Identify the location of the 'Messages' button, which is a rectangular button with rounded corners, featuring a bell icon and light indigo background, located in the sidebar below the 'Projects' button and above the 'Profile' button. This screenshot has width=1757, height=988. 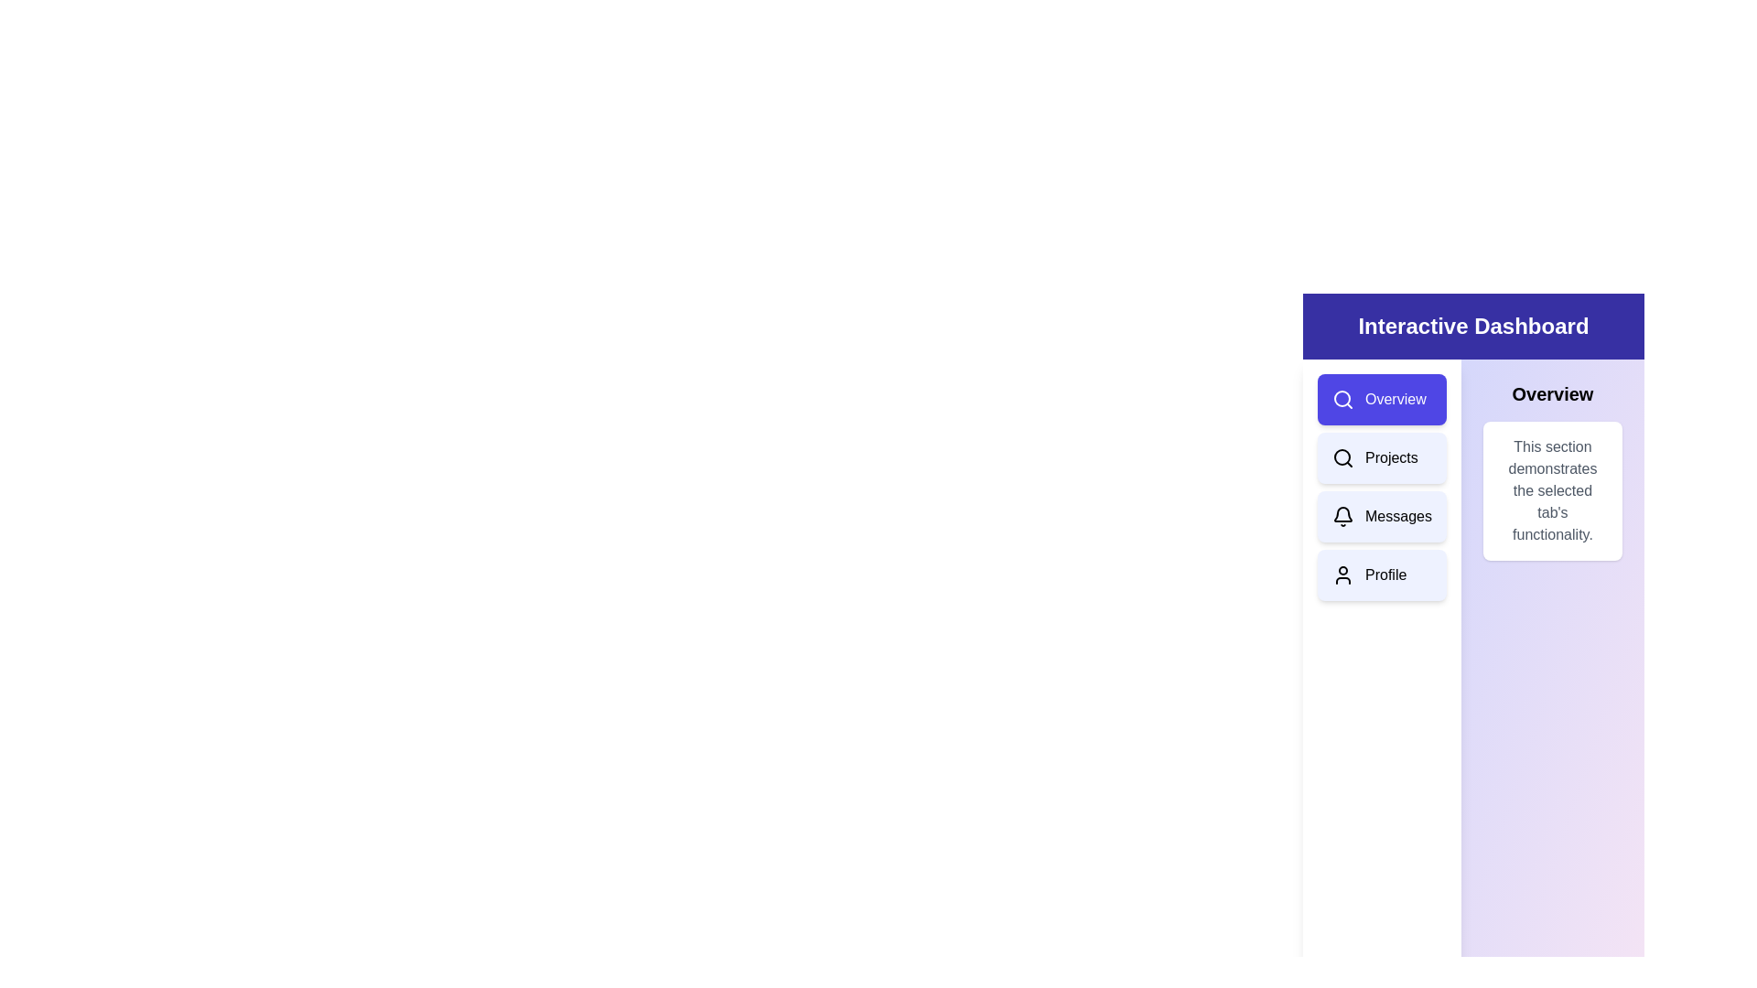
(1382, 516).